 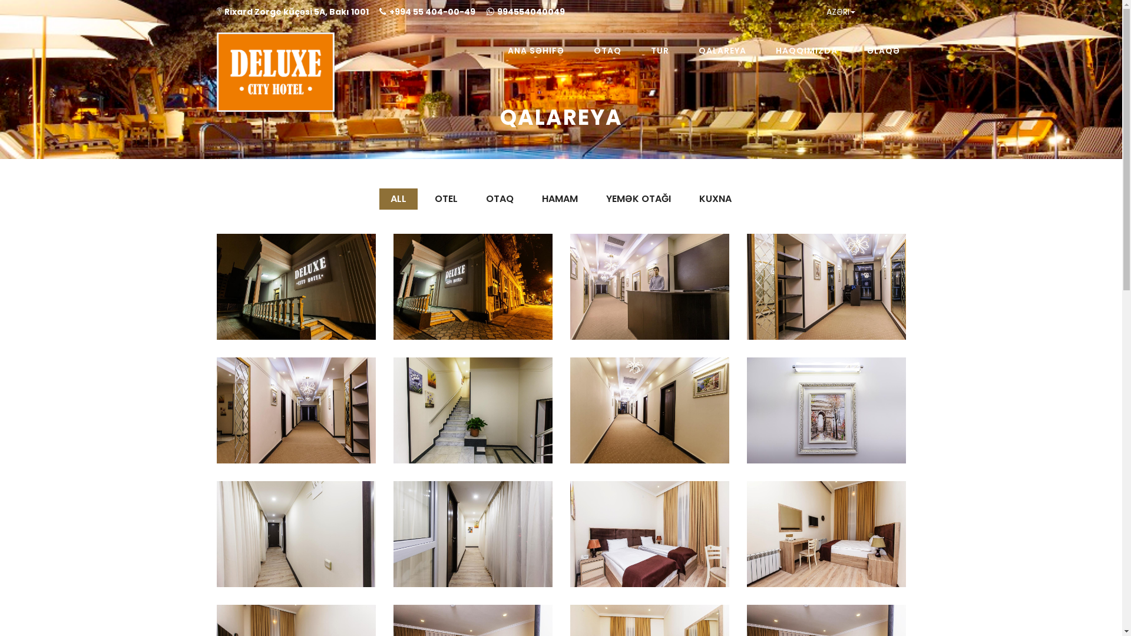 I want to click on 'Otaq', so click(x=649, y=534).